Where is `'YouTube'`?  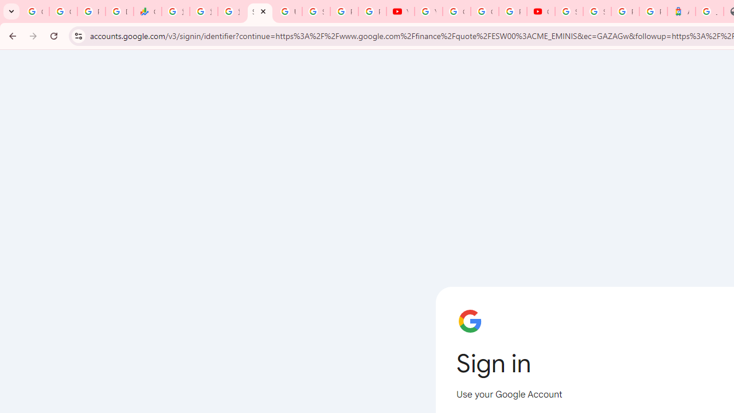
'YouTube' is located at coordinates (400, 11).